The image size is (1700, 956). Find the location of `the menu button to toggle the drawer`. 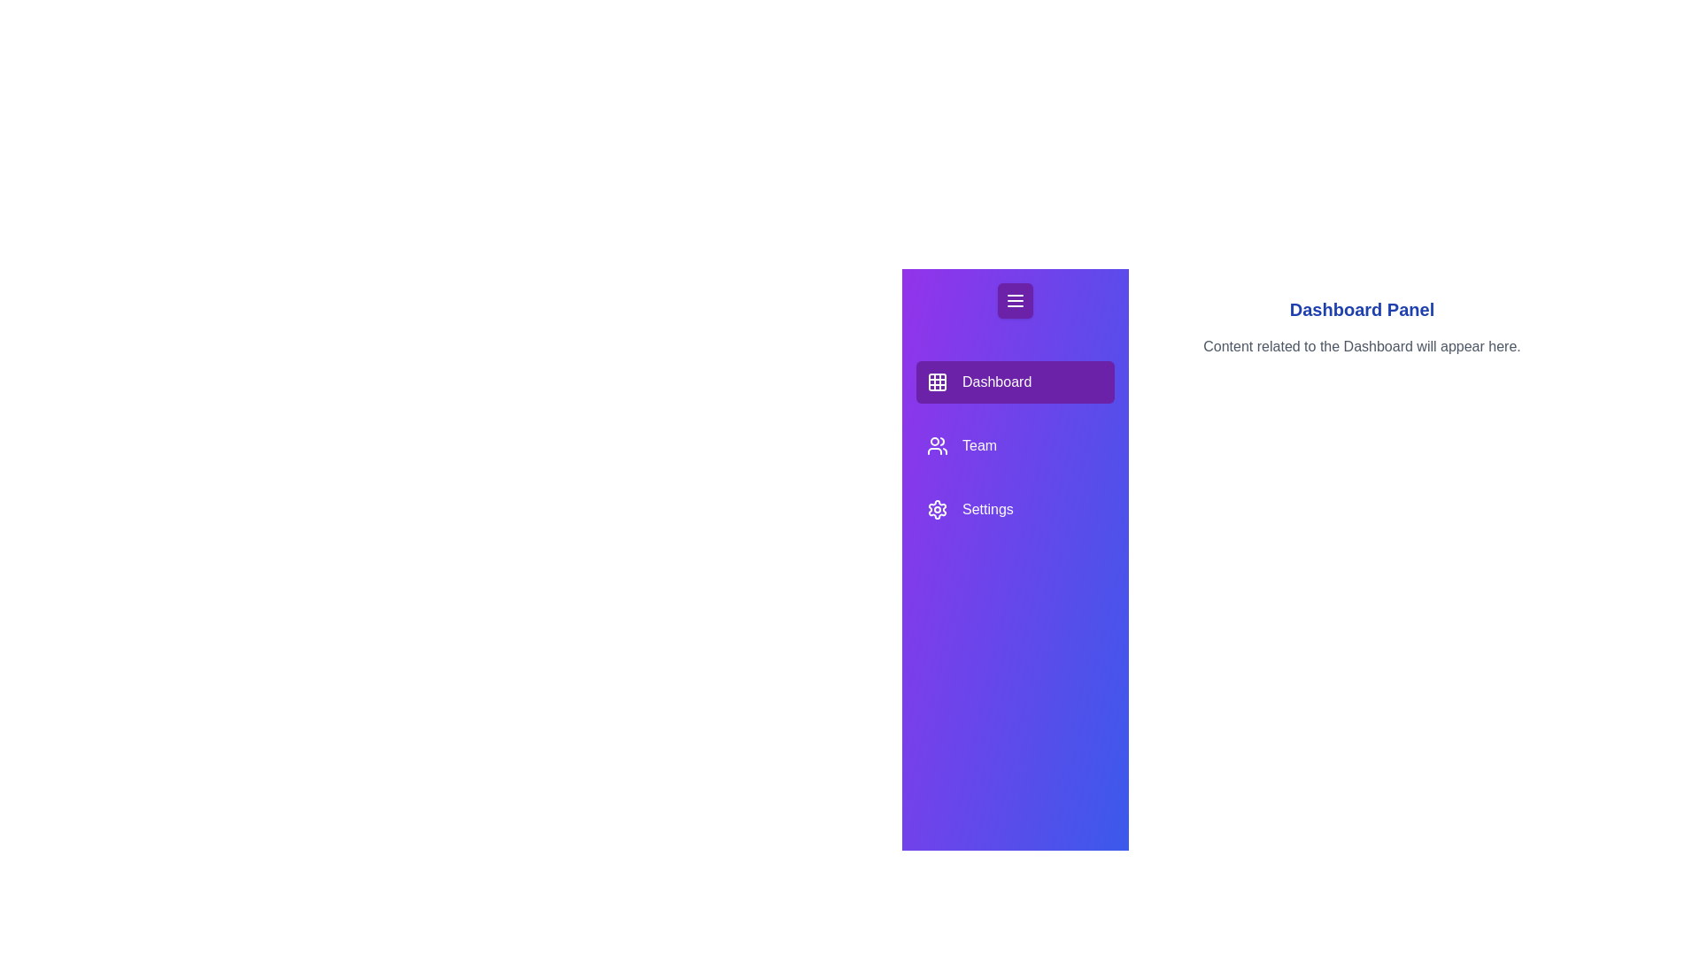

the menu button to toggle the drawer is located at coordinates (1016, 299).